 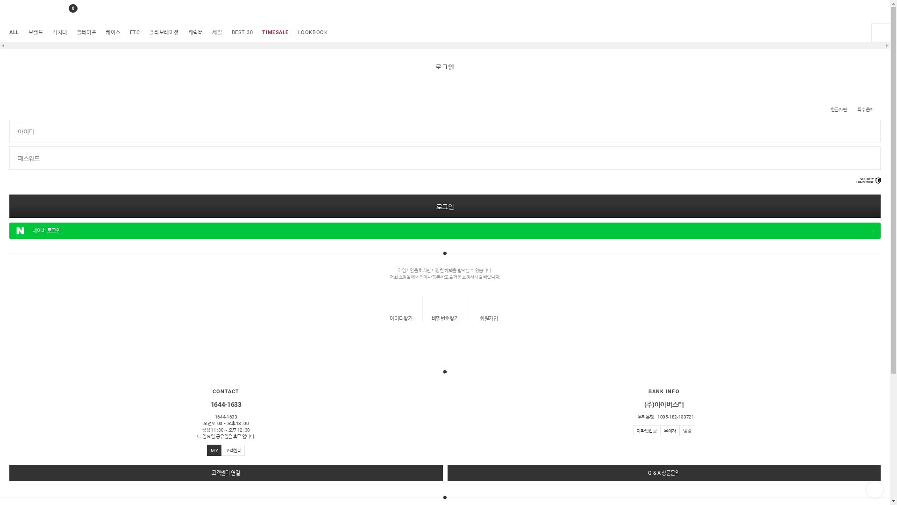 What do you see at coordinates (275, 32) in the screenshot?
I see `'TIMESALE'` at bounding box center [275, 32].